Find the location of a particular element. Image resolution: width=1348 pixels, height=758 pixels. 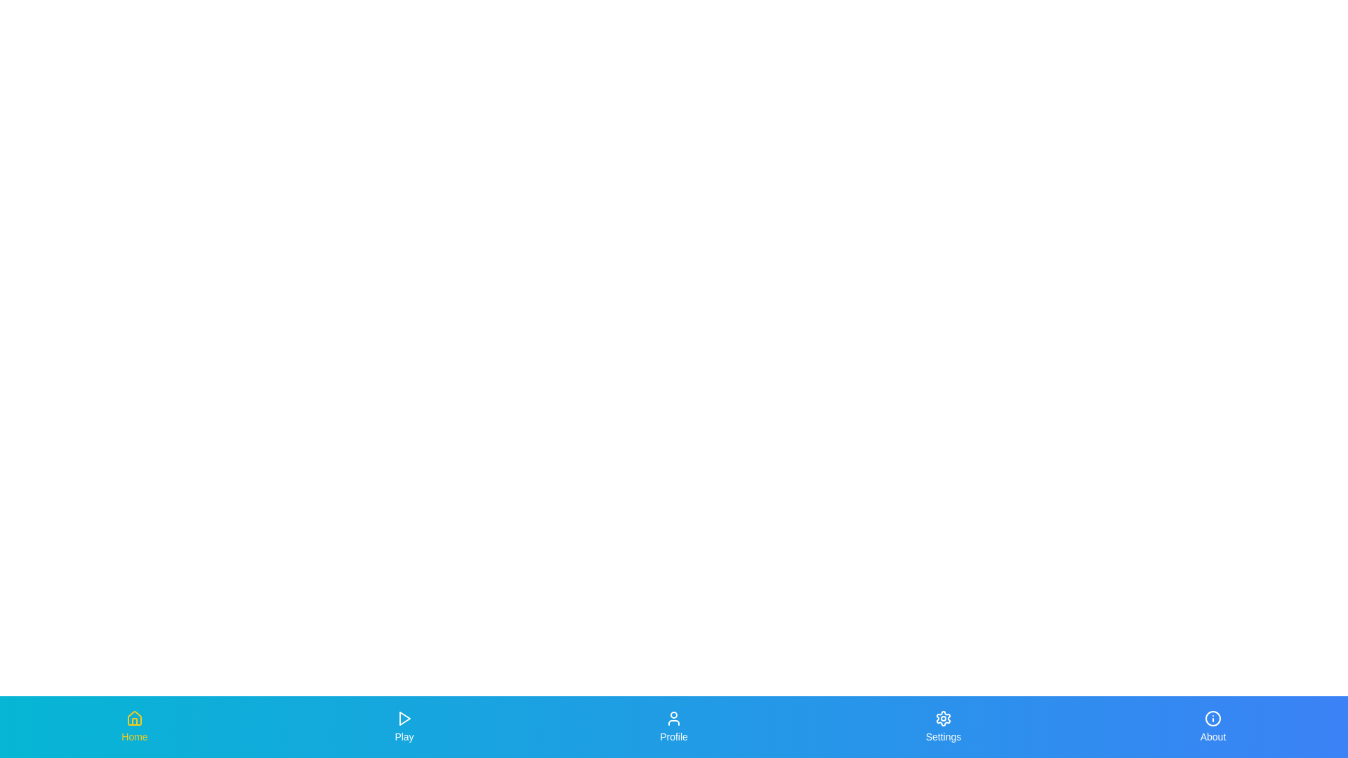

the tab labeled 'Settings' is located at coordinates (944, 726).